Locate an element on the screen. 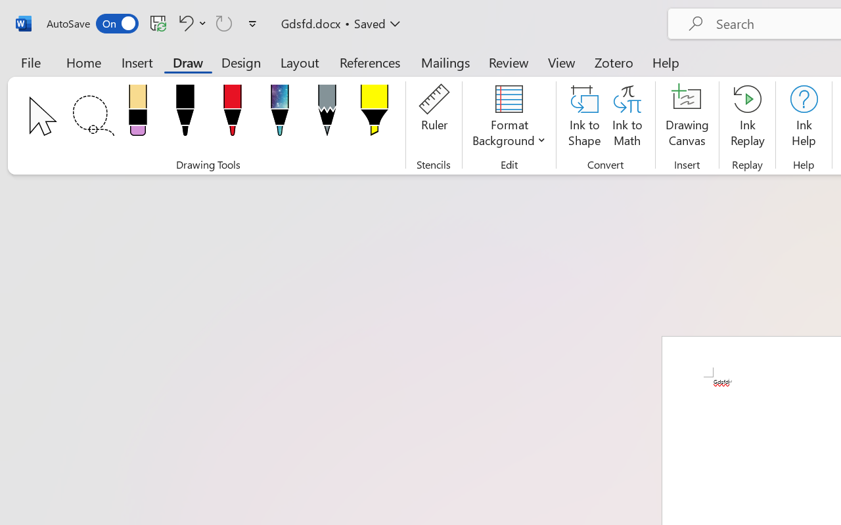 The height and width of the screenshot is (525, 841). 'Pen: Red, 0.5 mm' is located at coordinates (232, 114).